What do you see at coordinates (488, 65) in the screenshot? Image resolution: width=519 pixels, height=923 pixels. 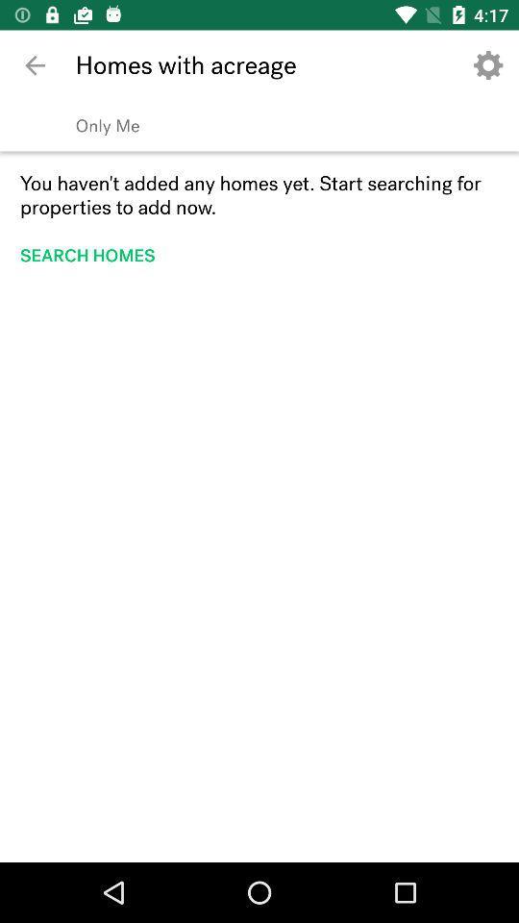 I see `item at the top right corner` at bounding box center [488, 65].